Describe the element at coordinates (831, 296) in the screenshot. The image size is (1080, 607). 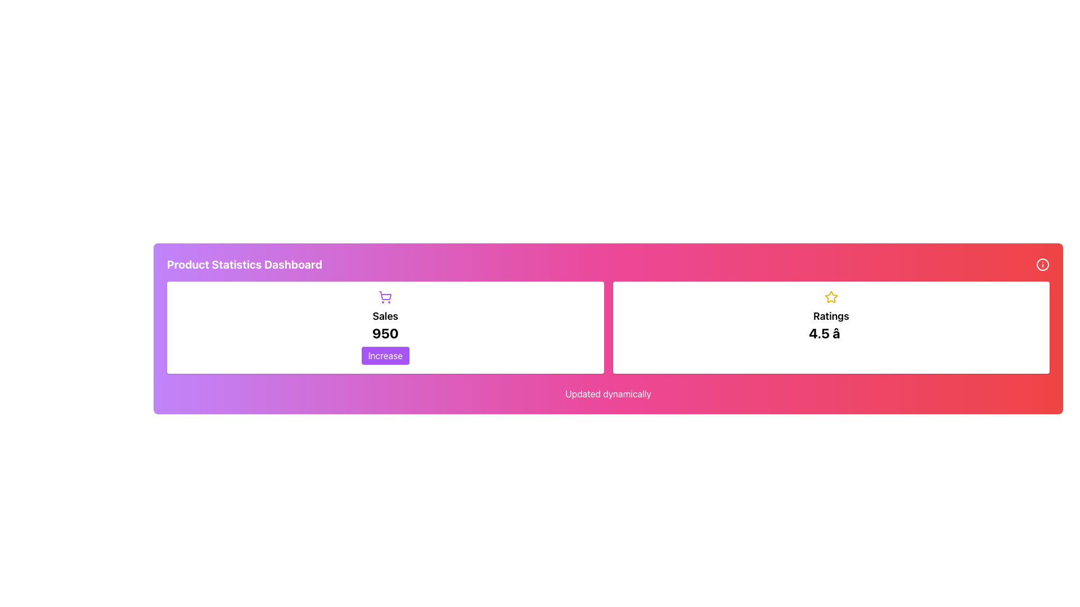
I see `the yellow star-shaped icon with a hollow center located above the rating value '4.5' in the rightmost card of the horizontal layout displaying 'Ratings'` at that location.